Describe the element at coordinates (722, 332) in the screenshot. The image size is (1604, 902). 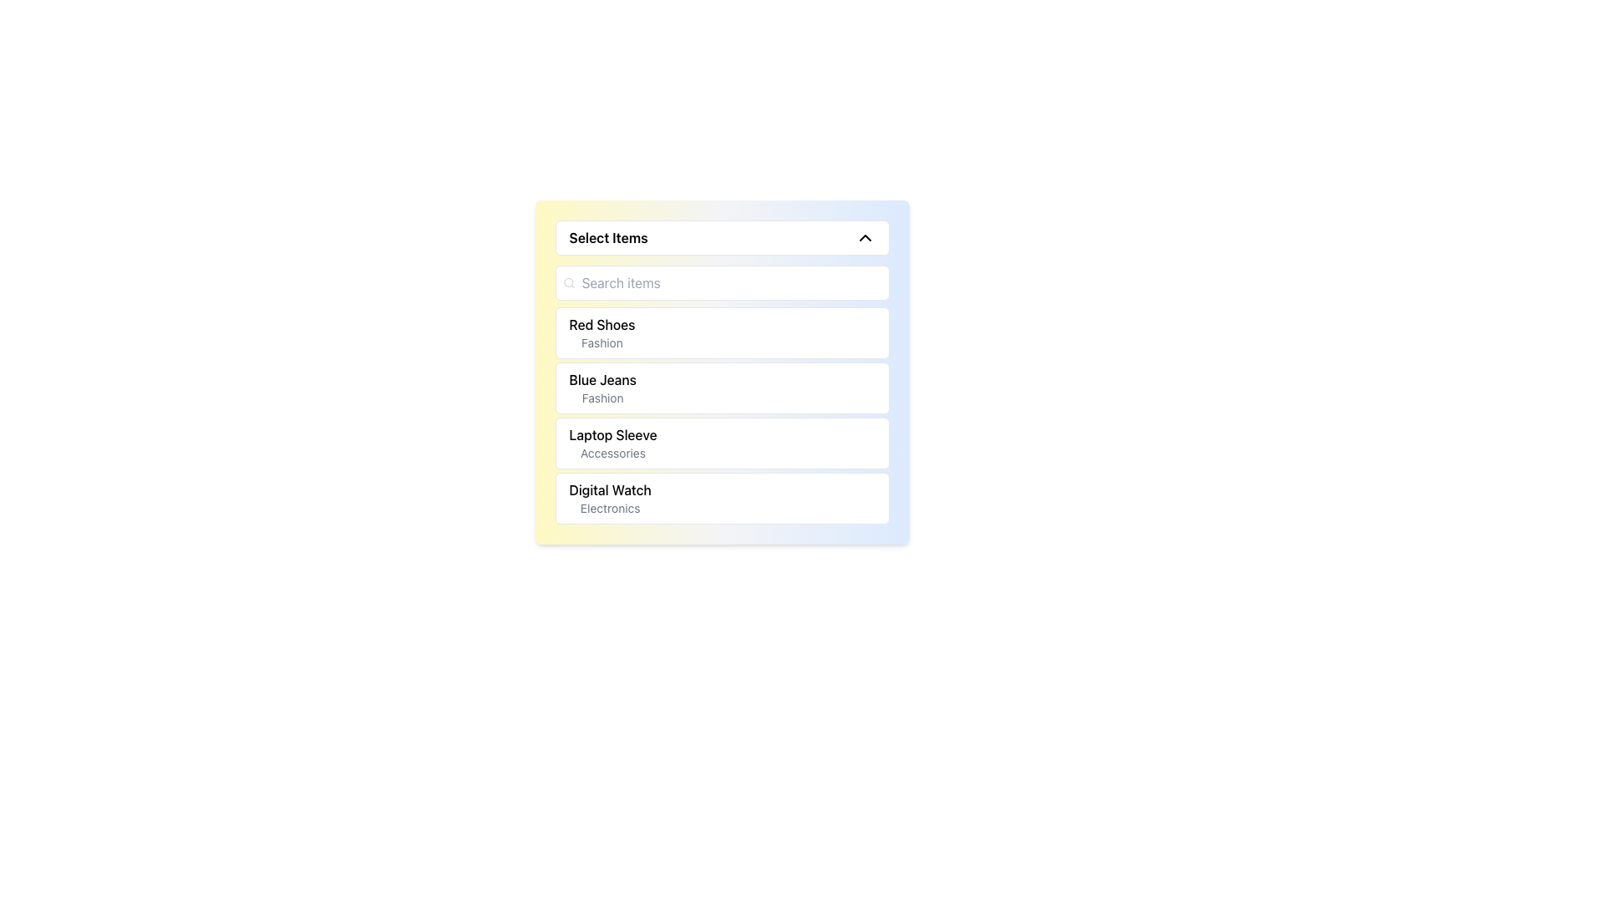
I see `the first selectable list item labeled 'Red Shoes' within the dropdown interface` at that location.